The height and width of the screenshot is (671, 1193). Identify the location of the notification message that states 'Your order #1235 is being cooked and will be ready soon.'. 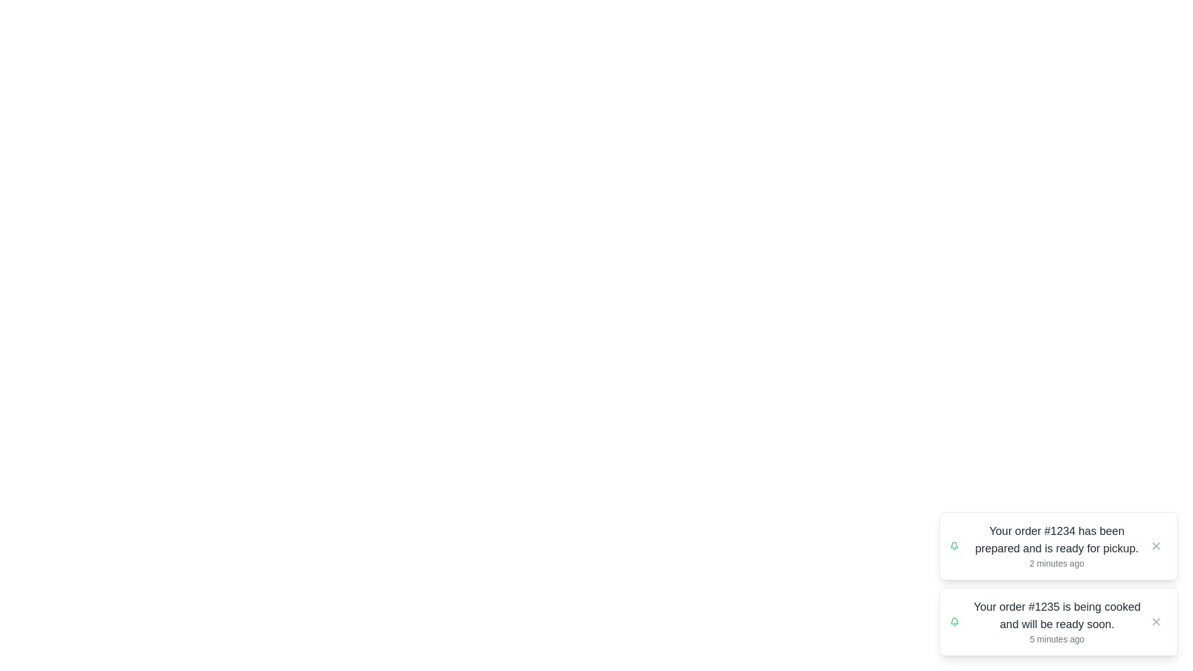
(1056, 622).